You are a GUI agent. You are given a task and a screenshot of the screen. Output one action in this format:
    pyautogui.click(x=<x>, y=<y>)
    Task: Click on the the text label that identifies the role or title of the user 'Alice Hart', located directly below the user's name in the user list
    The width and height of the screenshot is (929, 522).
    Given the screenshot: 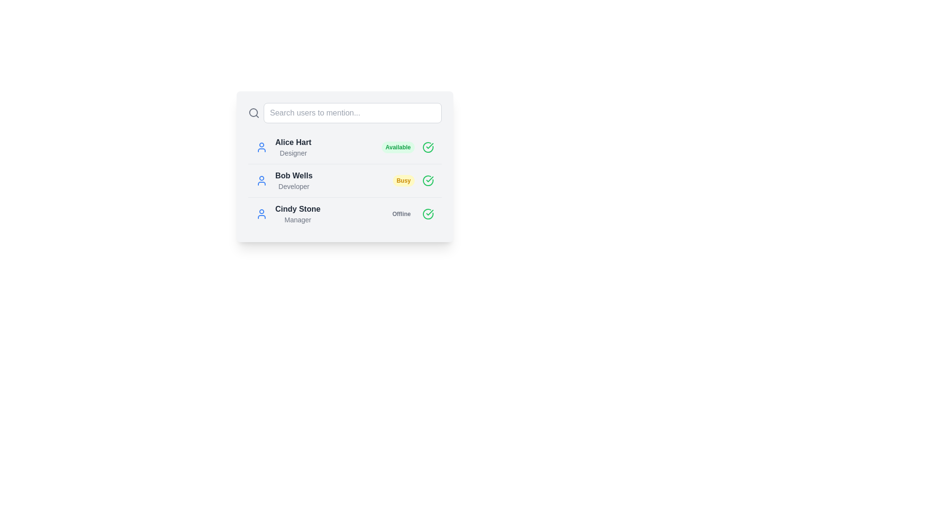 What is the action you would take?
    pyautogui.click(x=293, y=152)
    